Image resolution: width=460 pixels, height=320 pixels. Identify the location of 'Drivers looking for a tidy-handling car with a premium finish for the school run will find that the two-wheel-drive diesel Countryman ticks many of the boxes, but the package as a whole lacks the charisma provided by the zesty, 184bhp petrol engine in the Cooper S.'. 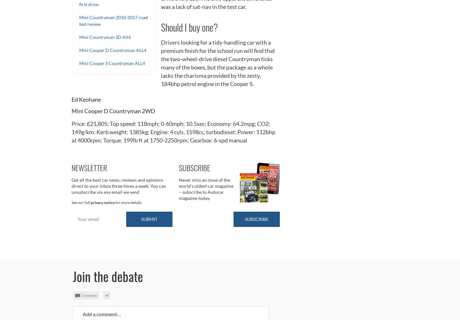
(218, 62).